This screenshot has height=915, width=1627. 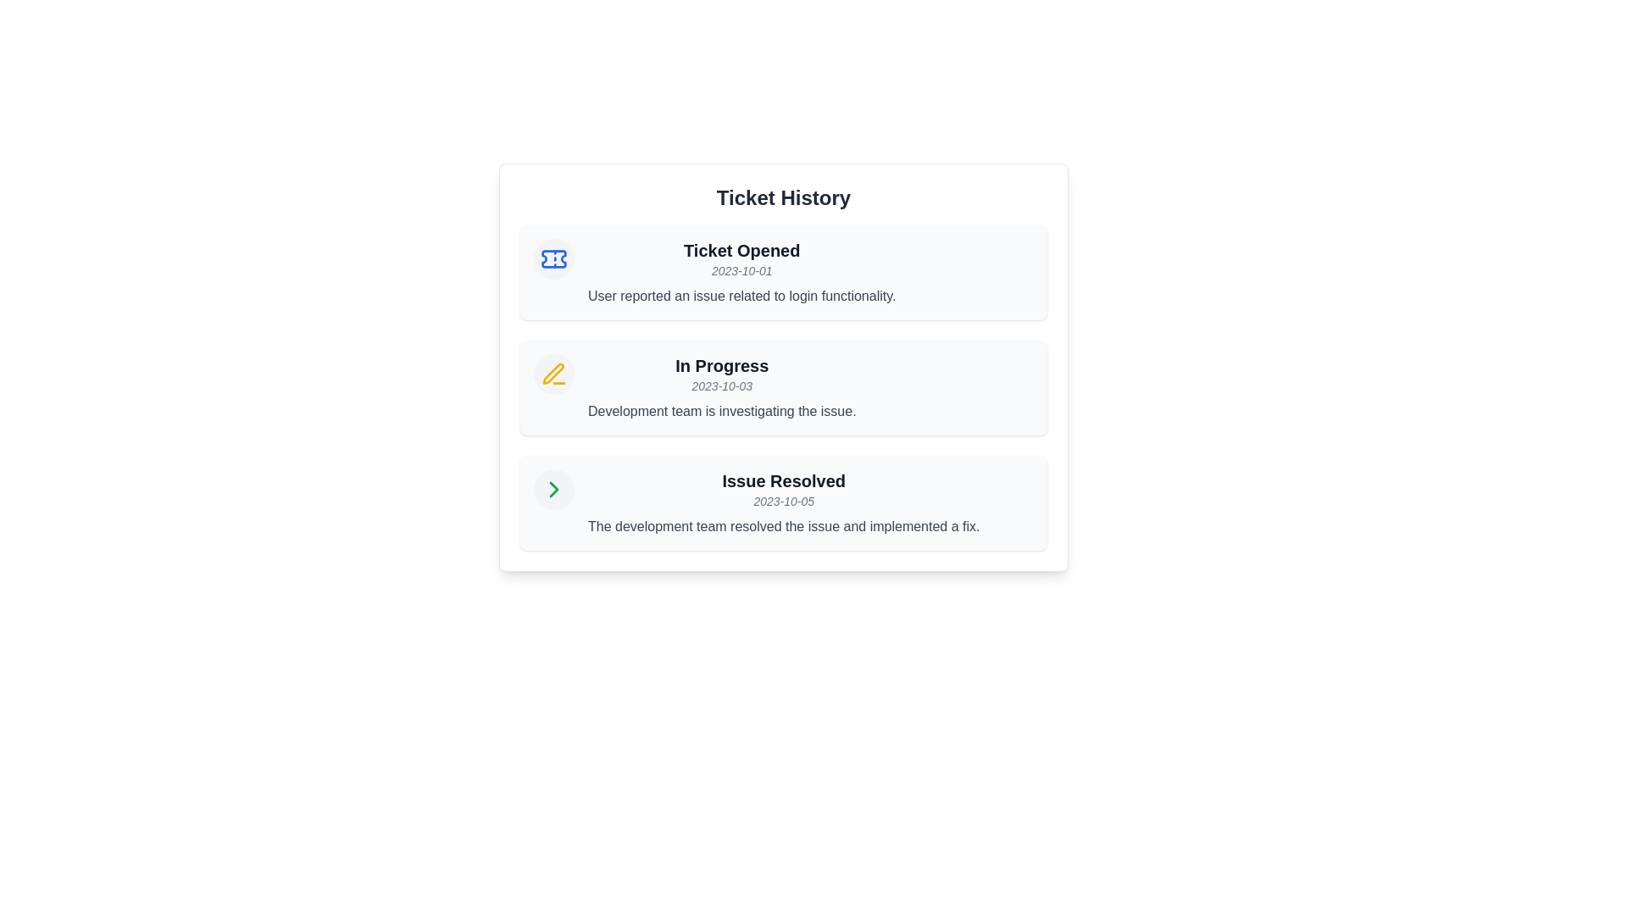 I want to click on the small, italicized text displaying the date '2023-10-01' located beneath the bolded heading 'Ticket Opened' in the 'Ticket History' interface, so click(x=741, y=270).